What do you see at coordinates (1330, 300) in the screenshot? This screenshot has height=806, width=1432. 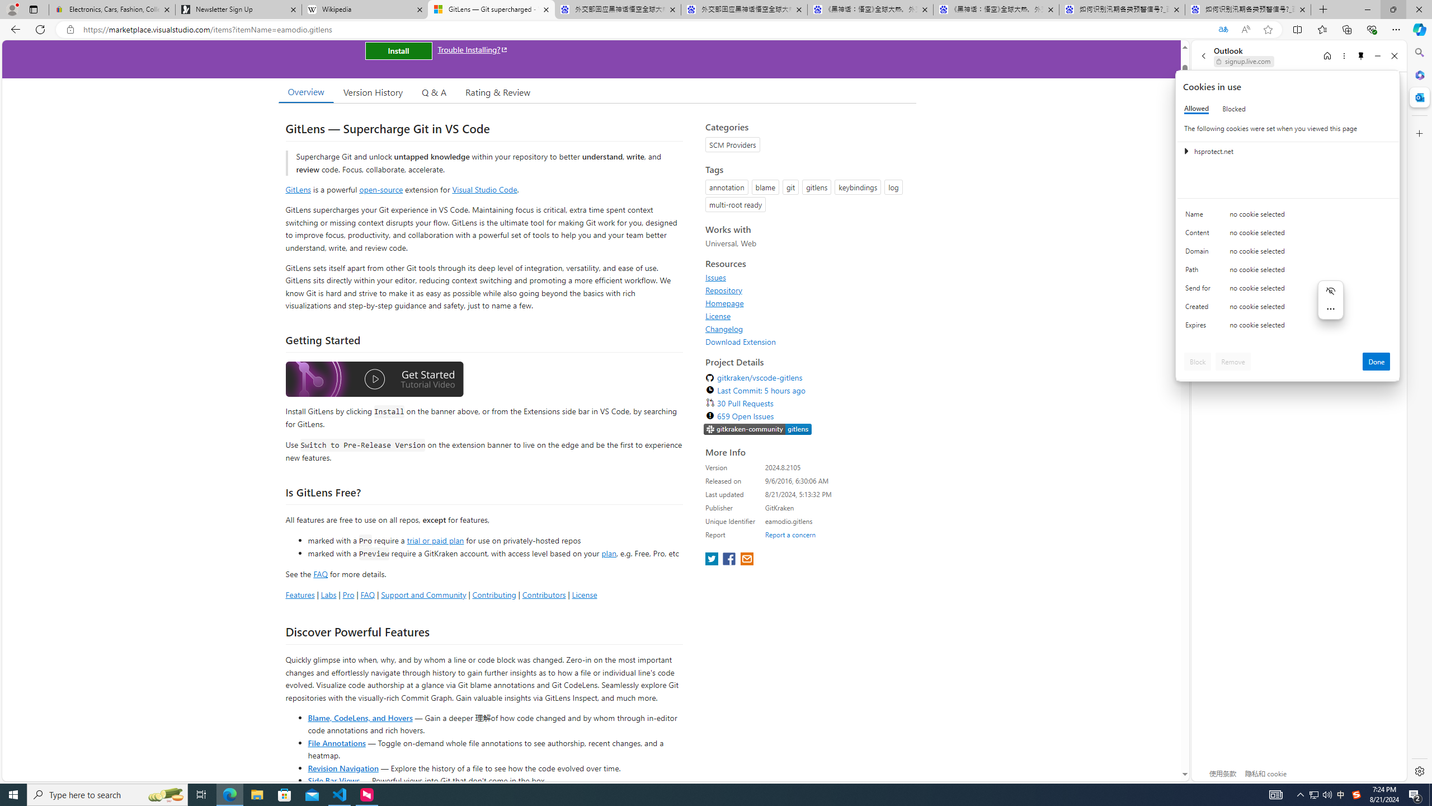 I see `'Mini menu on text selection'` at bounding box center [1330, 300].